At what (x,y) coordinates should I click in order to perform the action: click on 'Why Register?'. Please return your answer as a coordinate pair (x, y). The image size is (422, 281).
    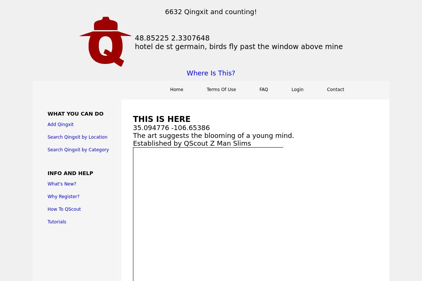
    Looking at the image, I should click on (63, 196).